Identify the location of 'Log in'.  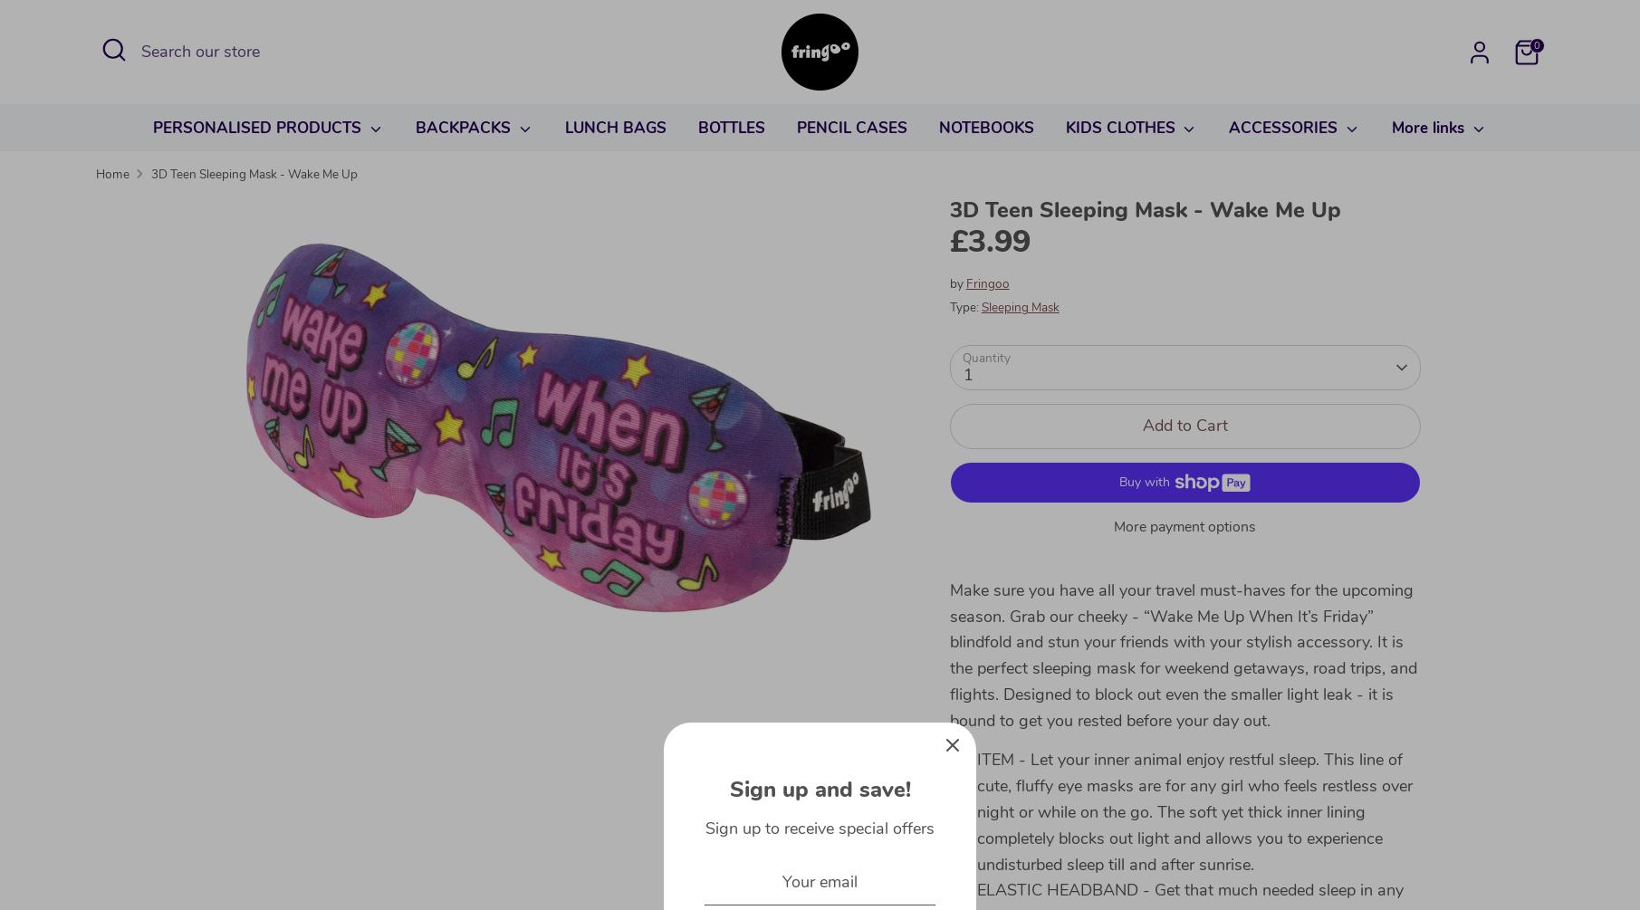
(1434, 85).